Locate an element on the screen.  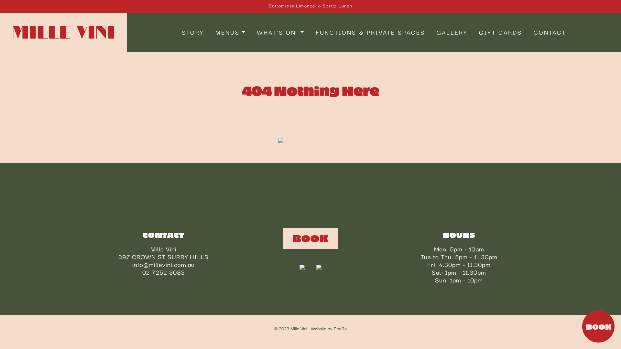
'MENUS' is located at coordinates (230, 32).